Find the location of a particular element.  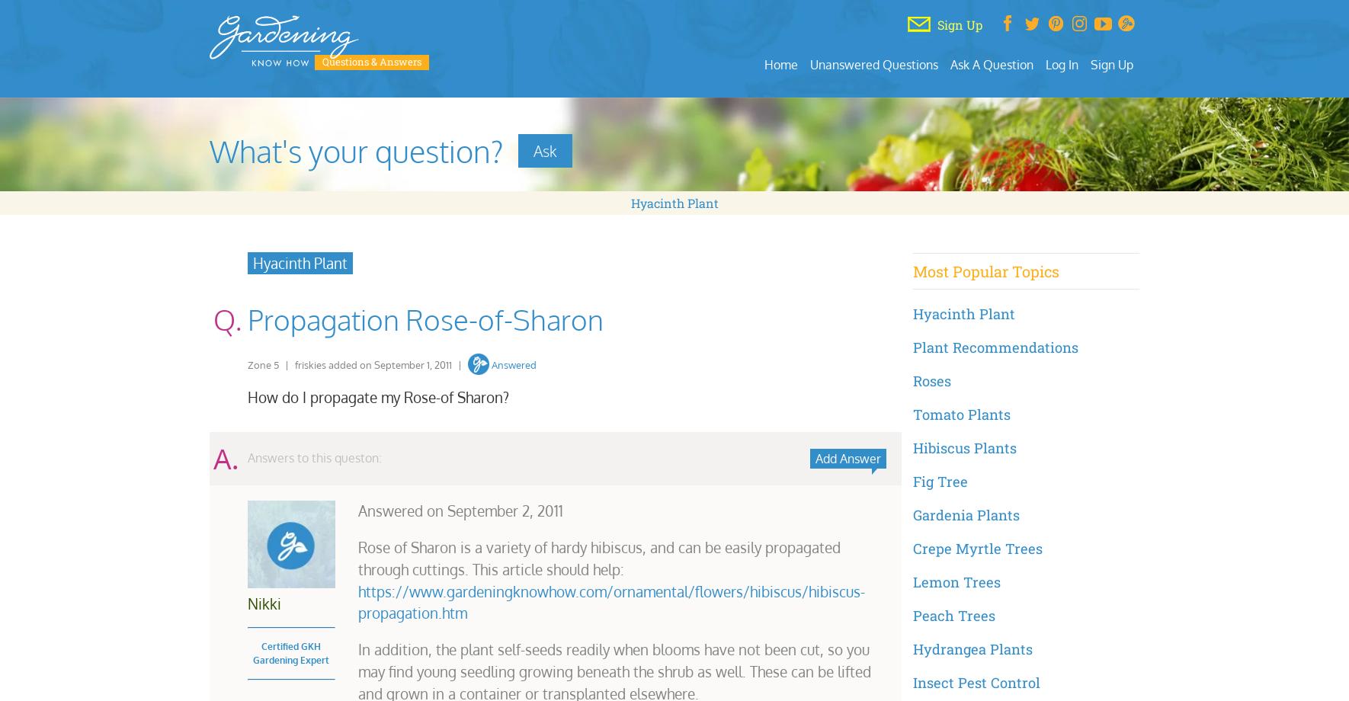

'https://www.gardeningknowhow.com/ornamental/flowers/hibiscus/hibiscus-propagation.htm' is located at coordinates (610, 602).